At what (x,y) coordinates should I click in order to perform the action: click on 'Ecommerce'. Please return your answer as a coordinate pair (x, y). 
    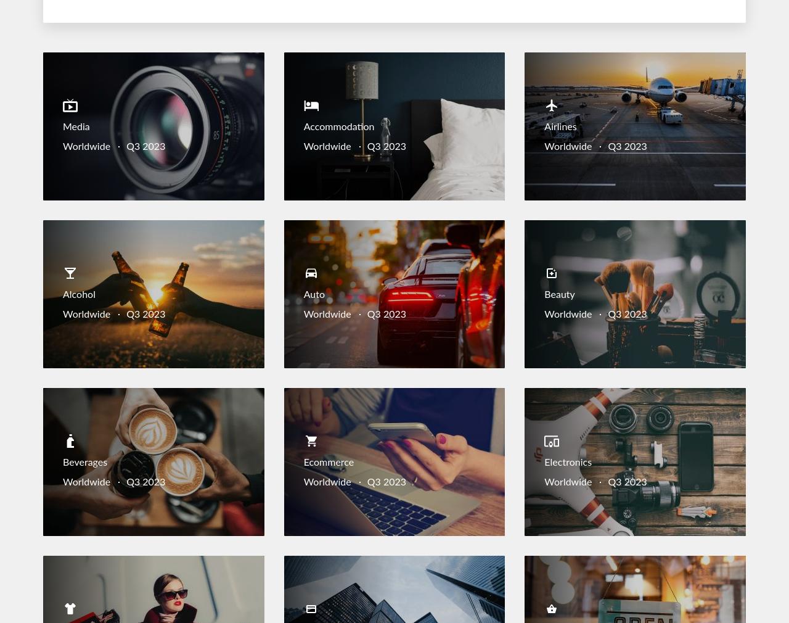
    Looking at the image, I should click on (328, 462).